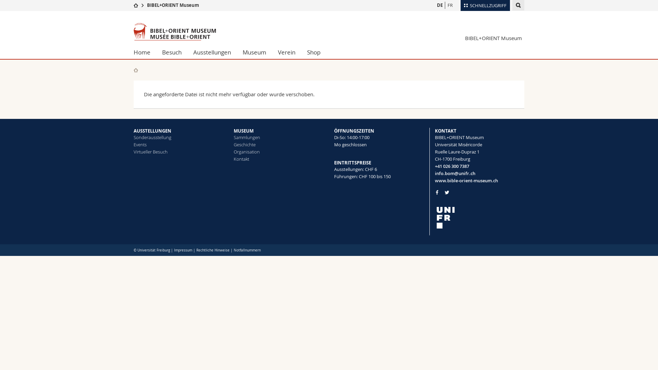 This screenshot has height=370, width=658. Describe the element at coordinates (493, 38) in the screenshot. I see `'BIBEL+ORIENT Museum'` at that location.